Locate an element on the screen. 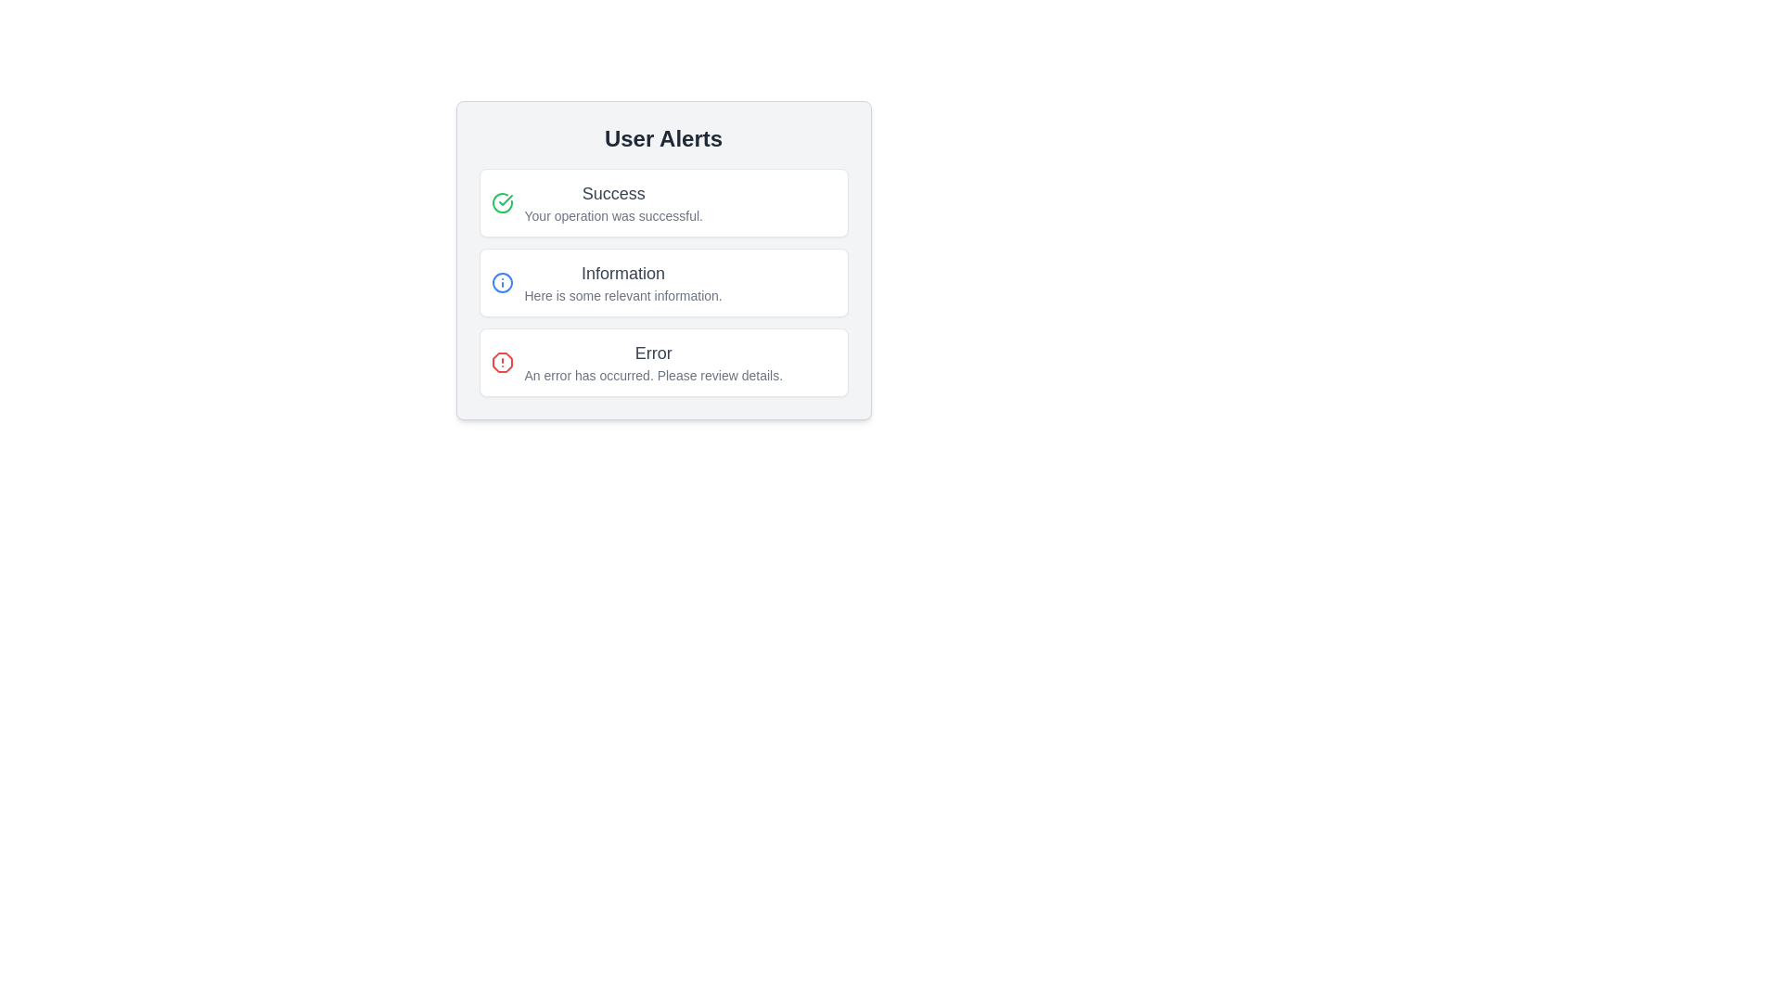  notification text from the second notification message in the 'User Alerts' section, which is positioned between a 'Success' notification above and an 'Error' notification below is located at coordinates (663, 282).